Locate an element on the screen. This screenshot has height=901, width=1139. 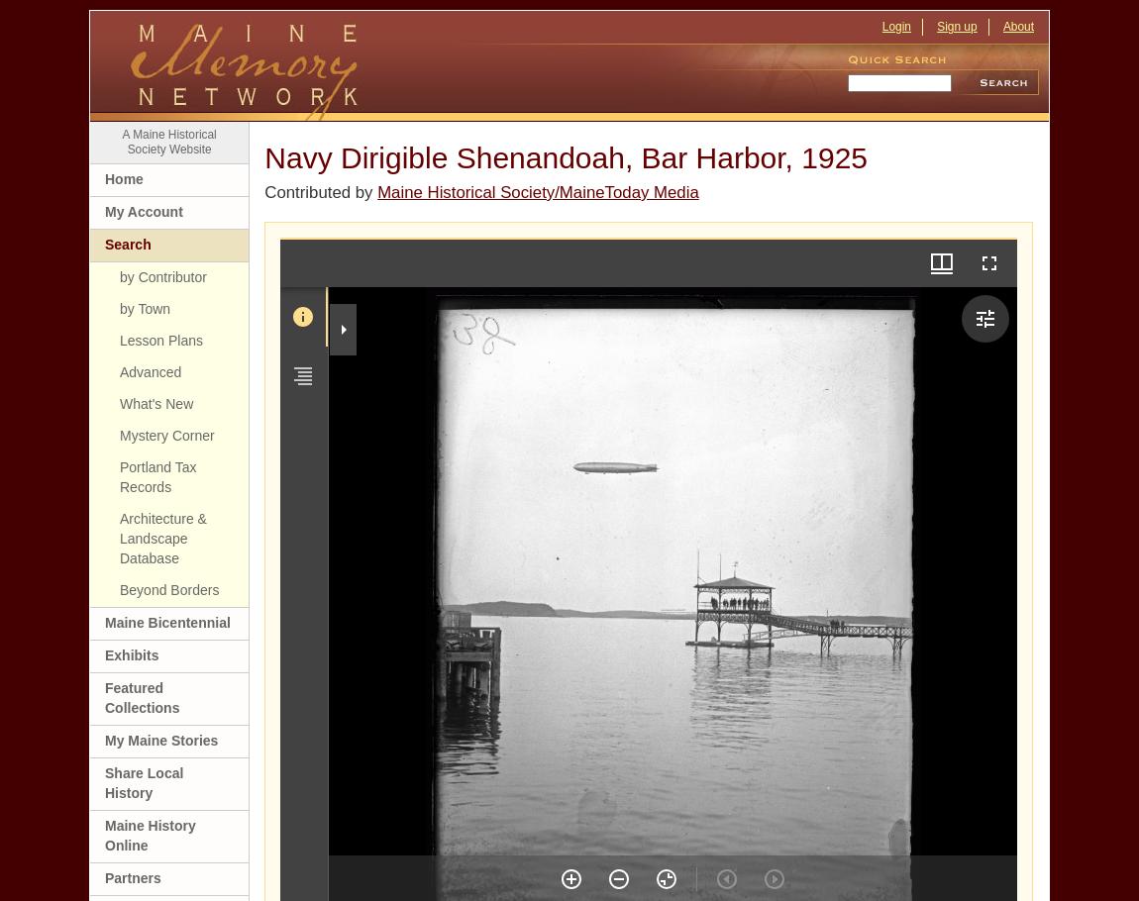
'Exhibits' is located at coordinates (131, 653).